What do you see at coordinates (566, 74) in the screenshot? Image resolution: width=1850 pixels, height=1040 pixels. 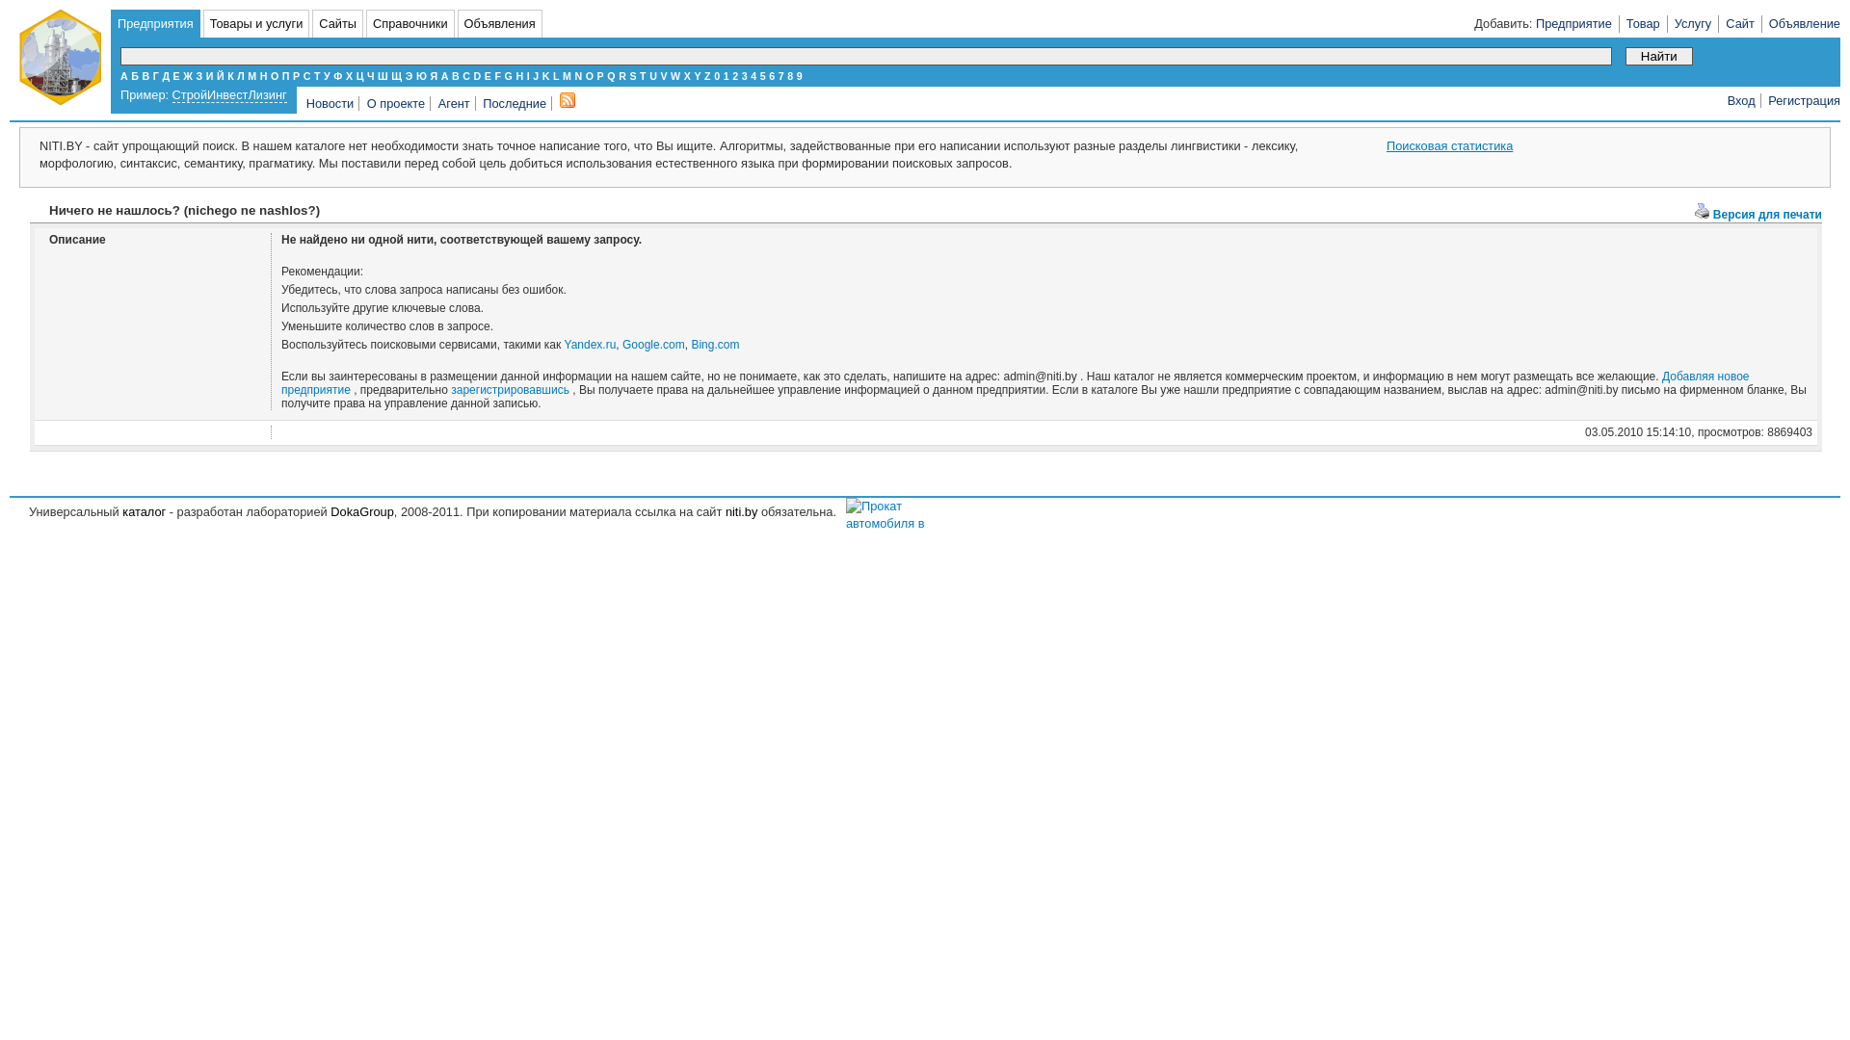 I see `'M'` at bounding box center [566, 74].